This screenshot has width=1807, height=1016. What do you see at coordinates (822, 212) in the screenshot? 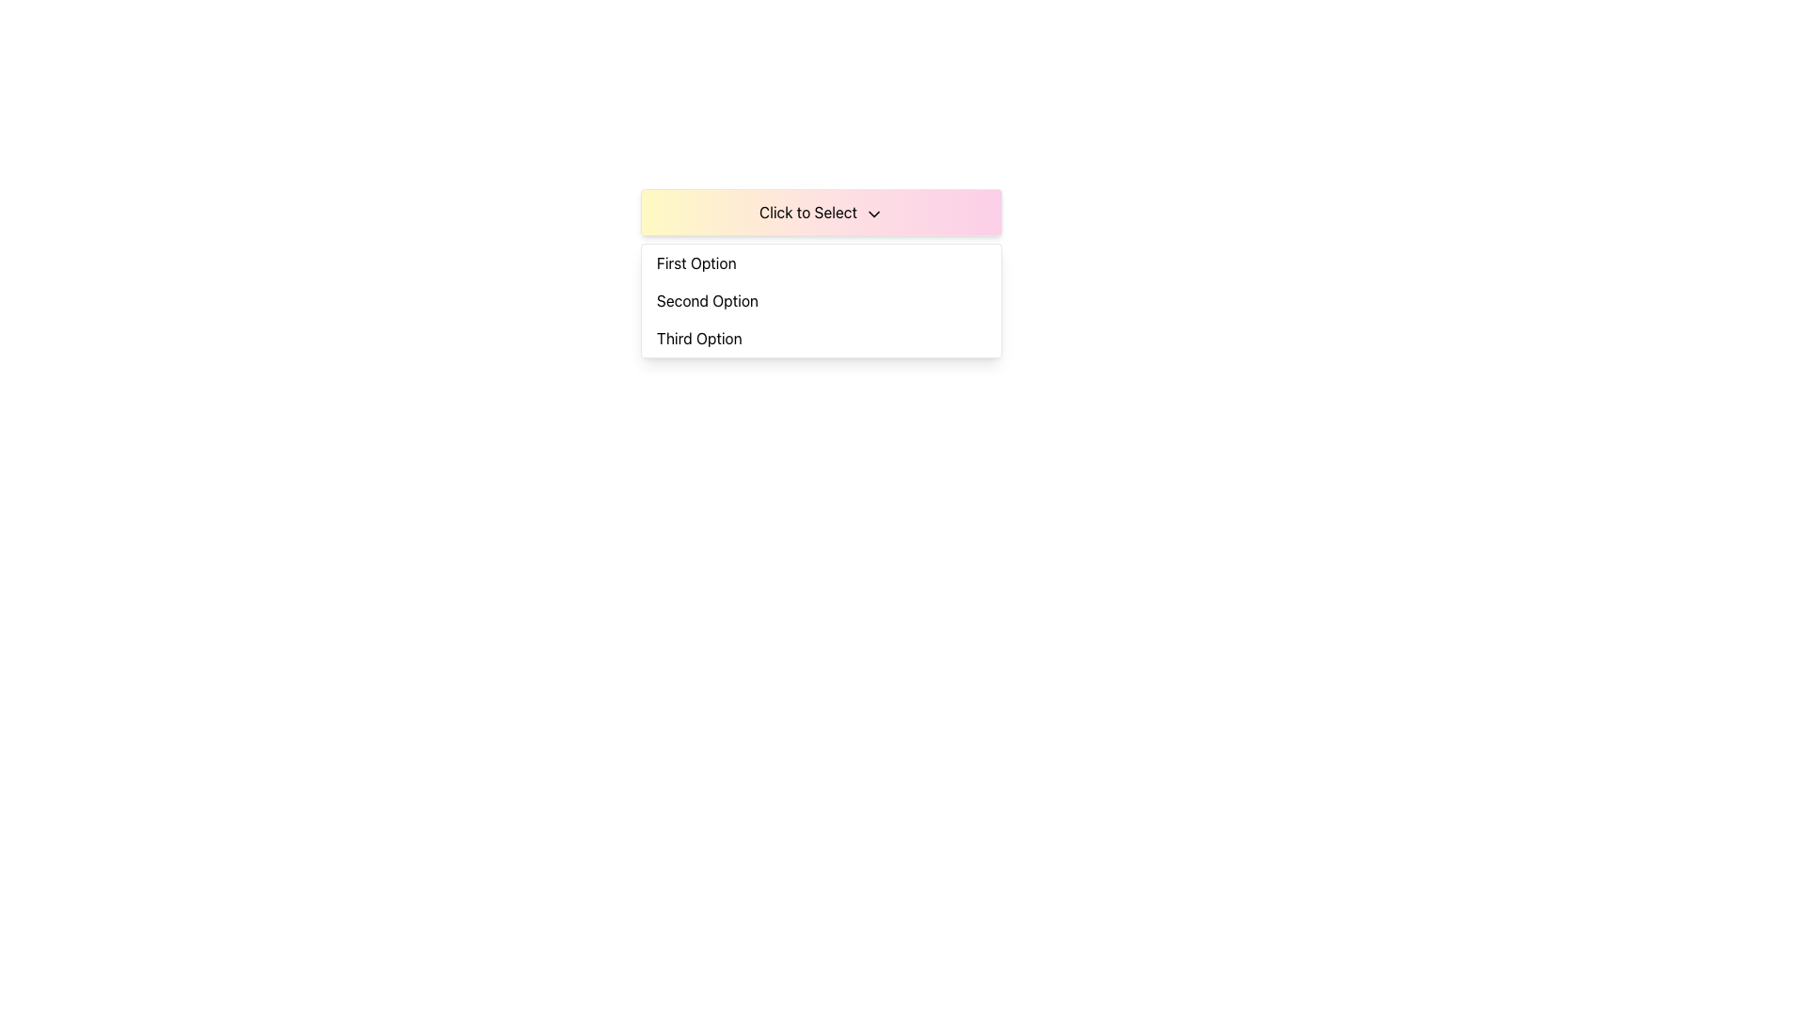
I see `the Dropdown trigger button labeled 'Click to Select'` at bounding box center [822, 212].